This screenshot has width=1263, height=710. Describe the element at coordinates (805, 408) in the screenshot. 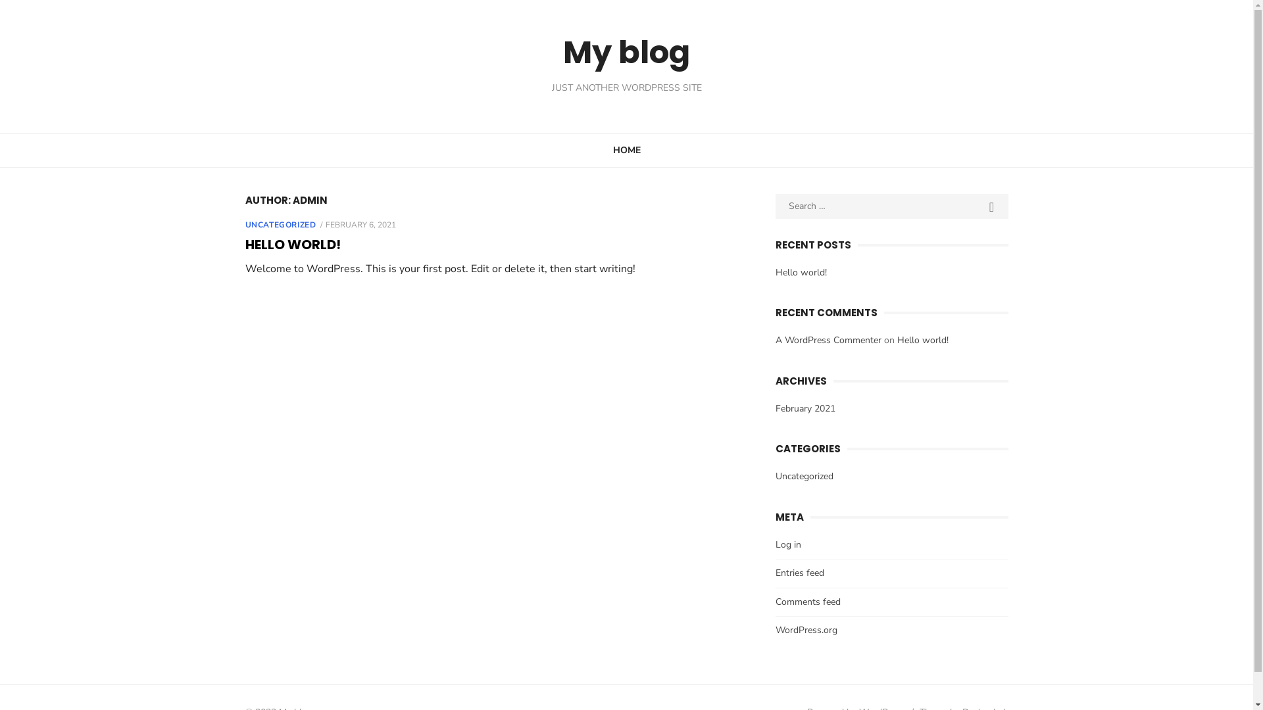

I see `'February 2021'` at that location.